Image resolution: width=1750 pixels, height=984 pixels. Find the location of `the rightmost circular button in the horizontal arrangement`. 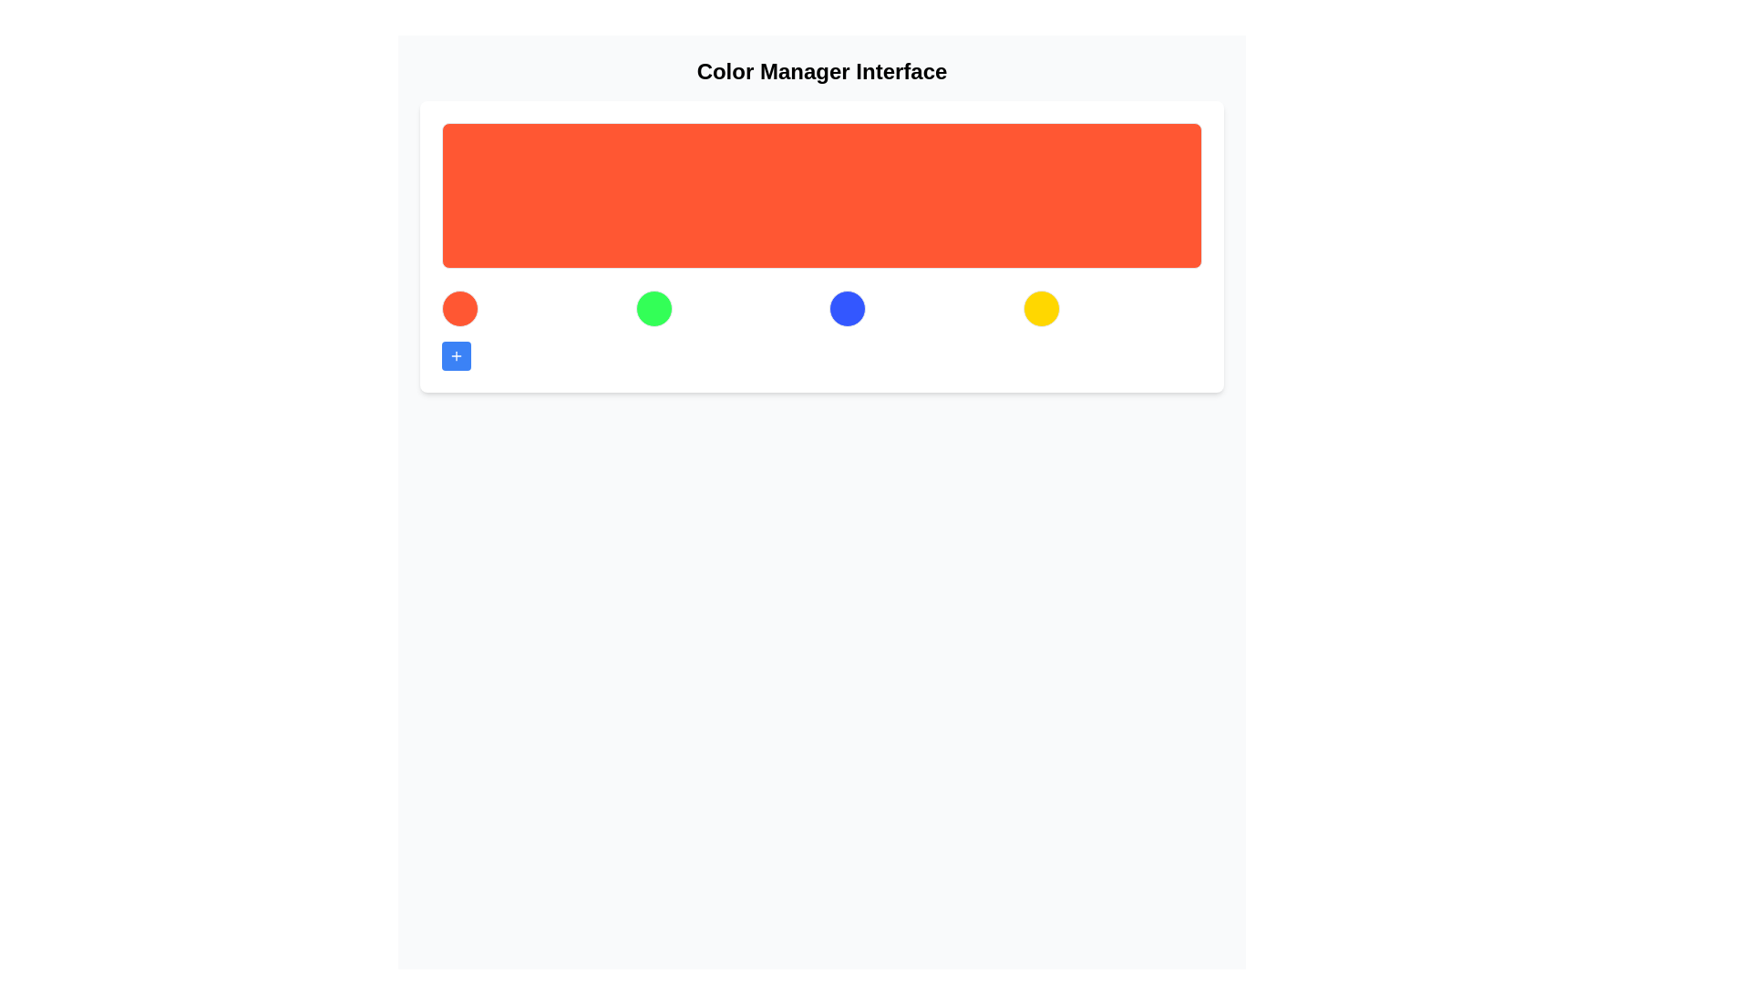

the rightmost circular button in the horizontal arrangement is located at coordinates (1041, 308).